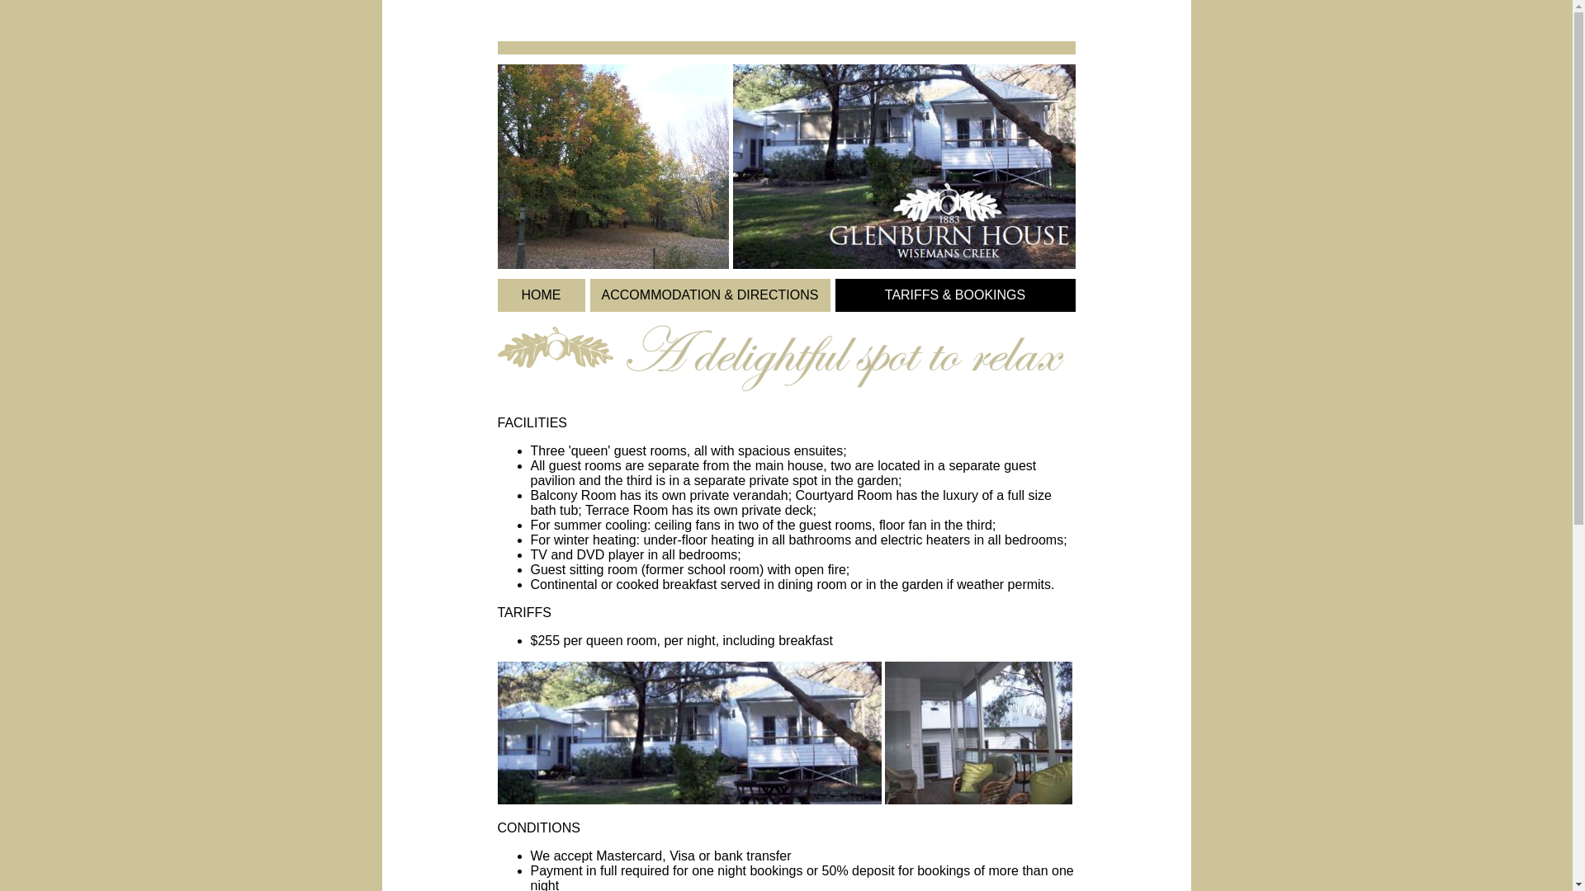 Image resolution: width=1585 pixels, height=891 pixels. What do you see at coordinates (710, 294) in the screenshot?
I see `'ACCOMMODATION & DIRECTIONS'` at bounding box center [710, 294].